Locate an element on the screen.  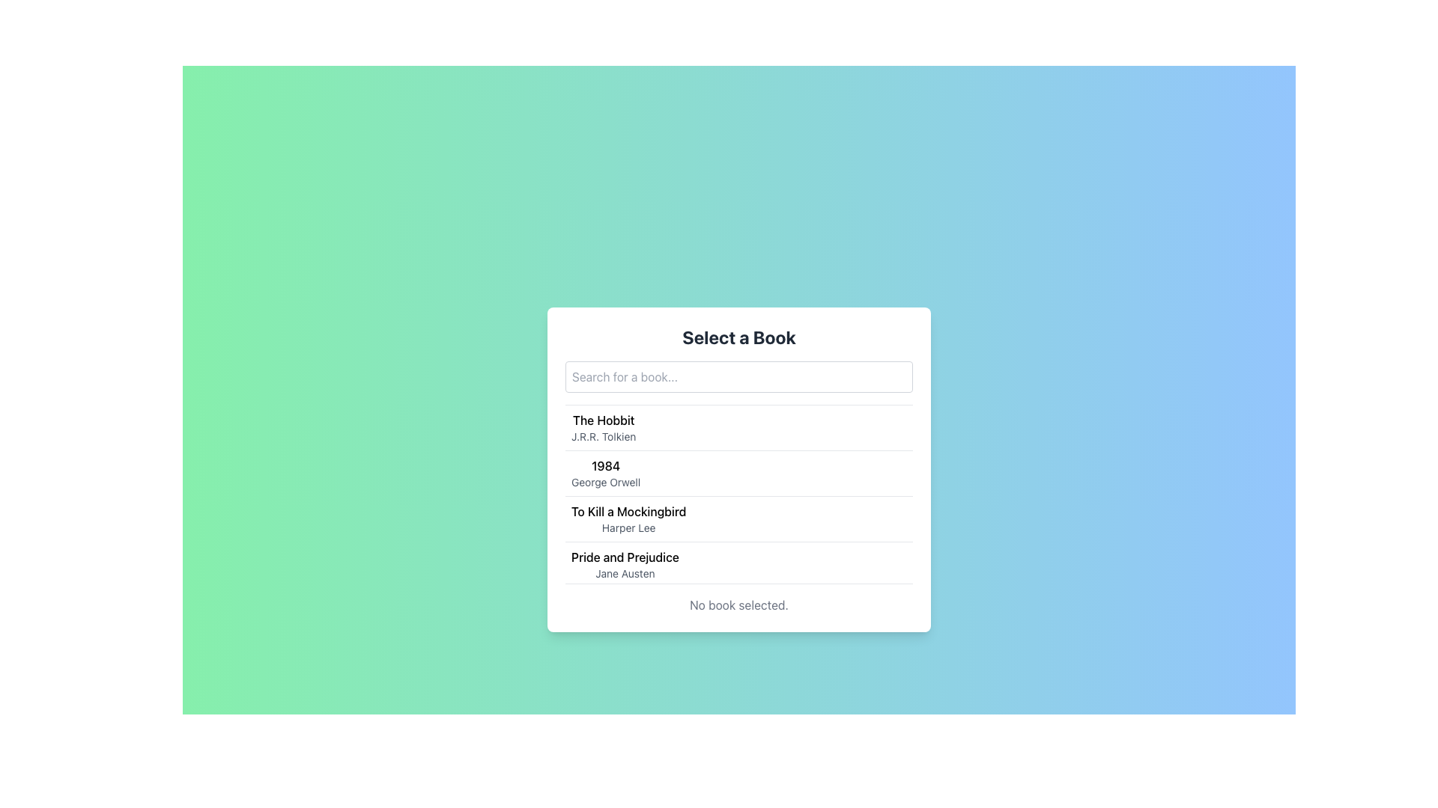
the text label displaying '1984' in a medium-bold font, which is positioned as the second item in a list of books in a centered panel with a gradient green-blue background is located at coordinates (606, 465).